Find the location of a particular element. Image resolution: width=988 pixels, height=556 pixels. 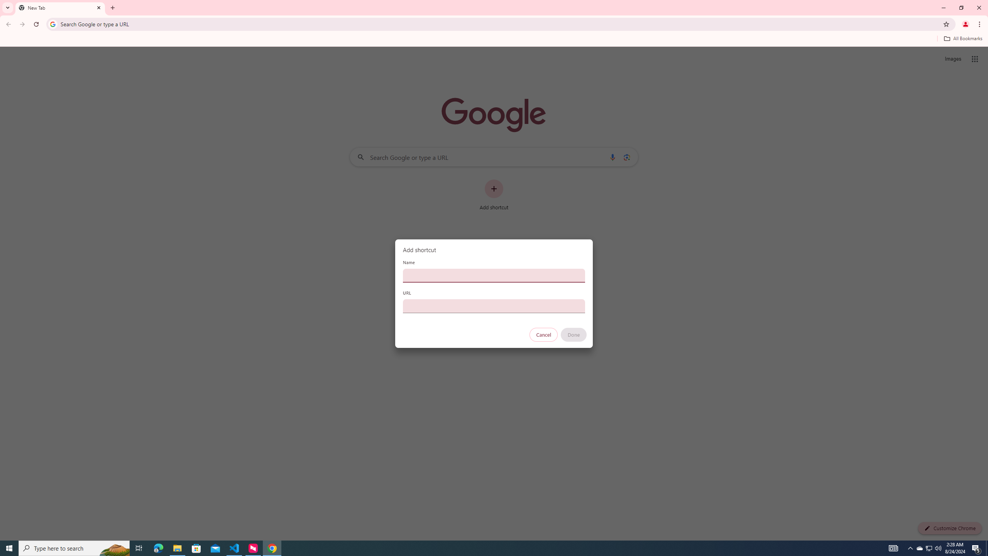

'Cancel' is located at coordinates (544, 334).